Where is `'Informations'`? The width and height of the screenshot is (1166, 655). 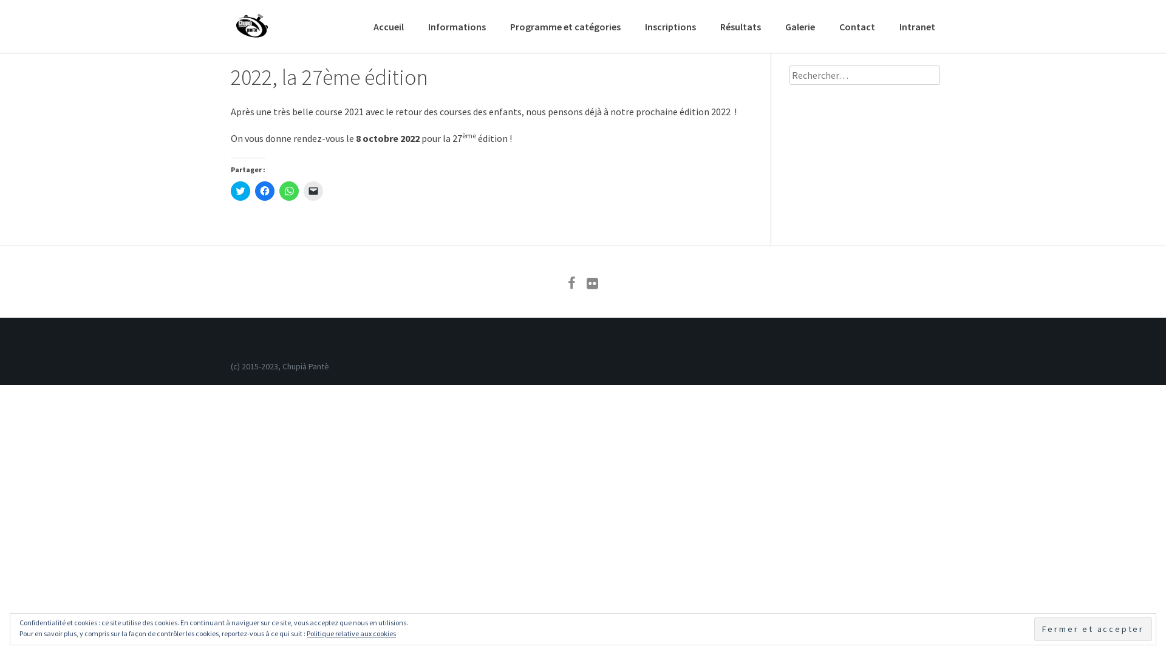 'Informations' is located at coordinates (456, 26).